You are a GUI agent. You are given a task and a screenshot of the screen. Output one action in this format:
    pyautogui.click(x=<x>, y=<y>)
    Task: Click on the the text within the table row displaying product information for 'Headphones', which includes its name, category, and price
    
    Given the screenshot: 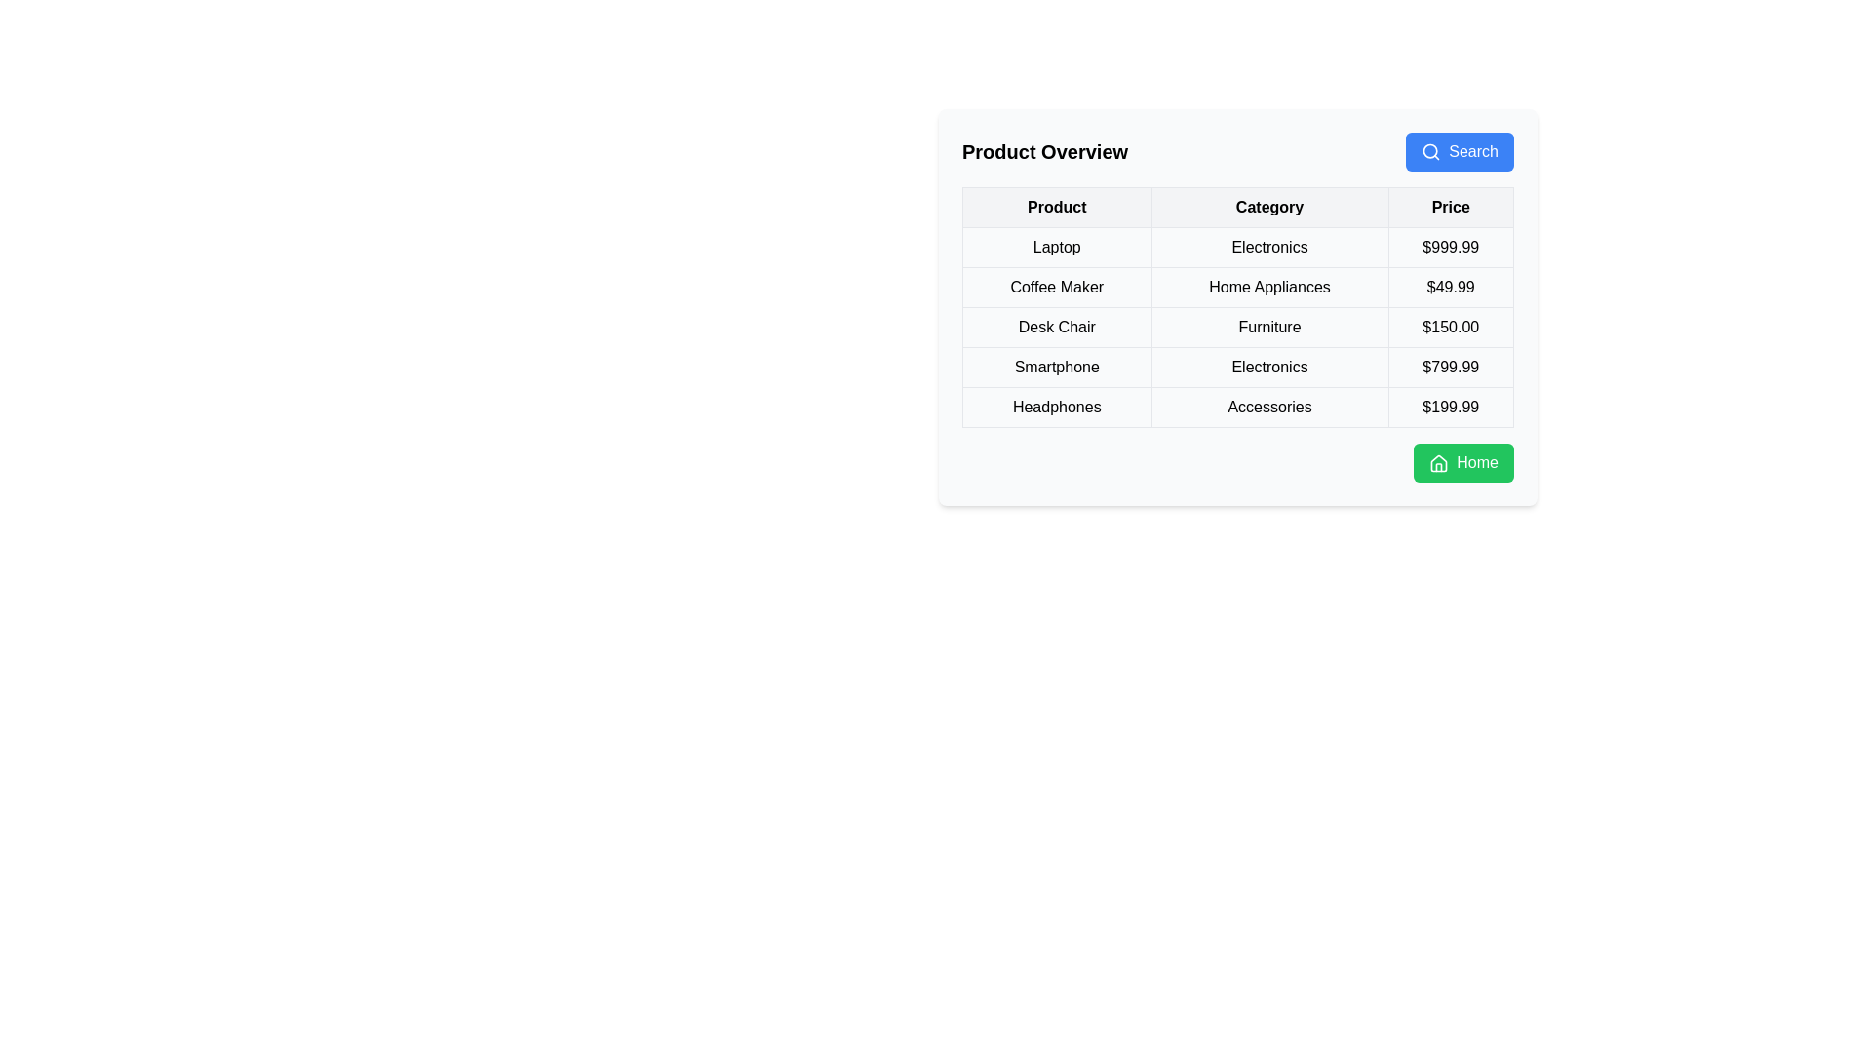 What is the action you would take?
    pyautogui.click(x=1237, y=406)
    